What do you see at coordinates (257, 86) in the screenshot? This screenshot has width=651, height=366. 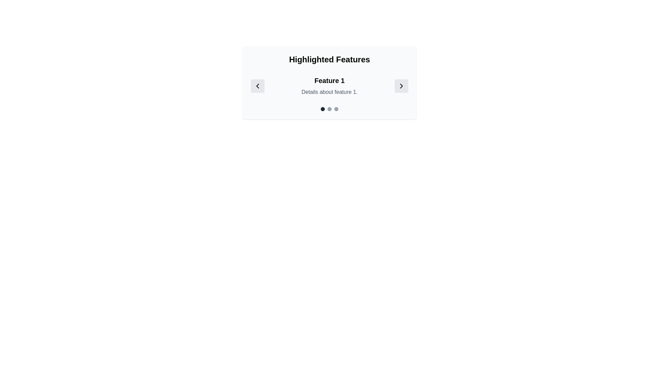 I see `the small triangular left-pointing arrow icon, which is part of the left-chevron icon in the 'Highlighted Features' navigation section` at bounding box center [257, 86].